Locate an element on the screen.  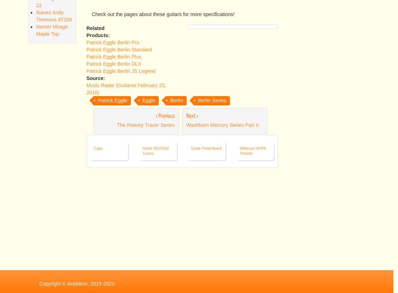
'Music Radar (Guitarist February 23, 2016)' is located at coordinates (126, 192).